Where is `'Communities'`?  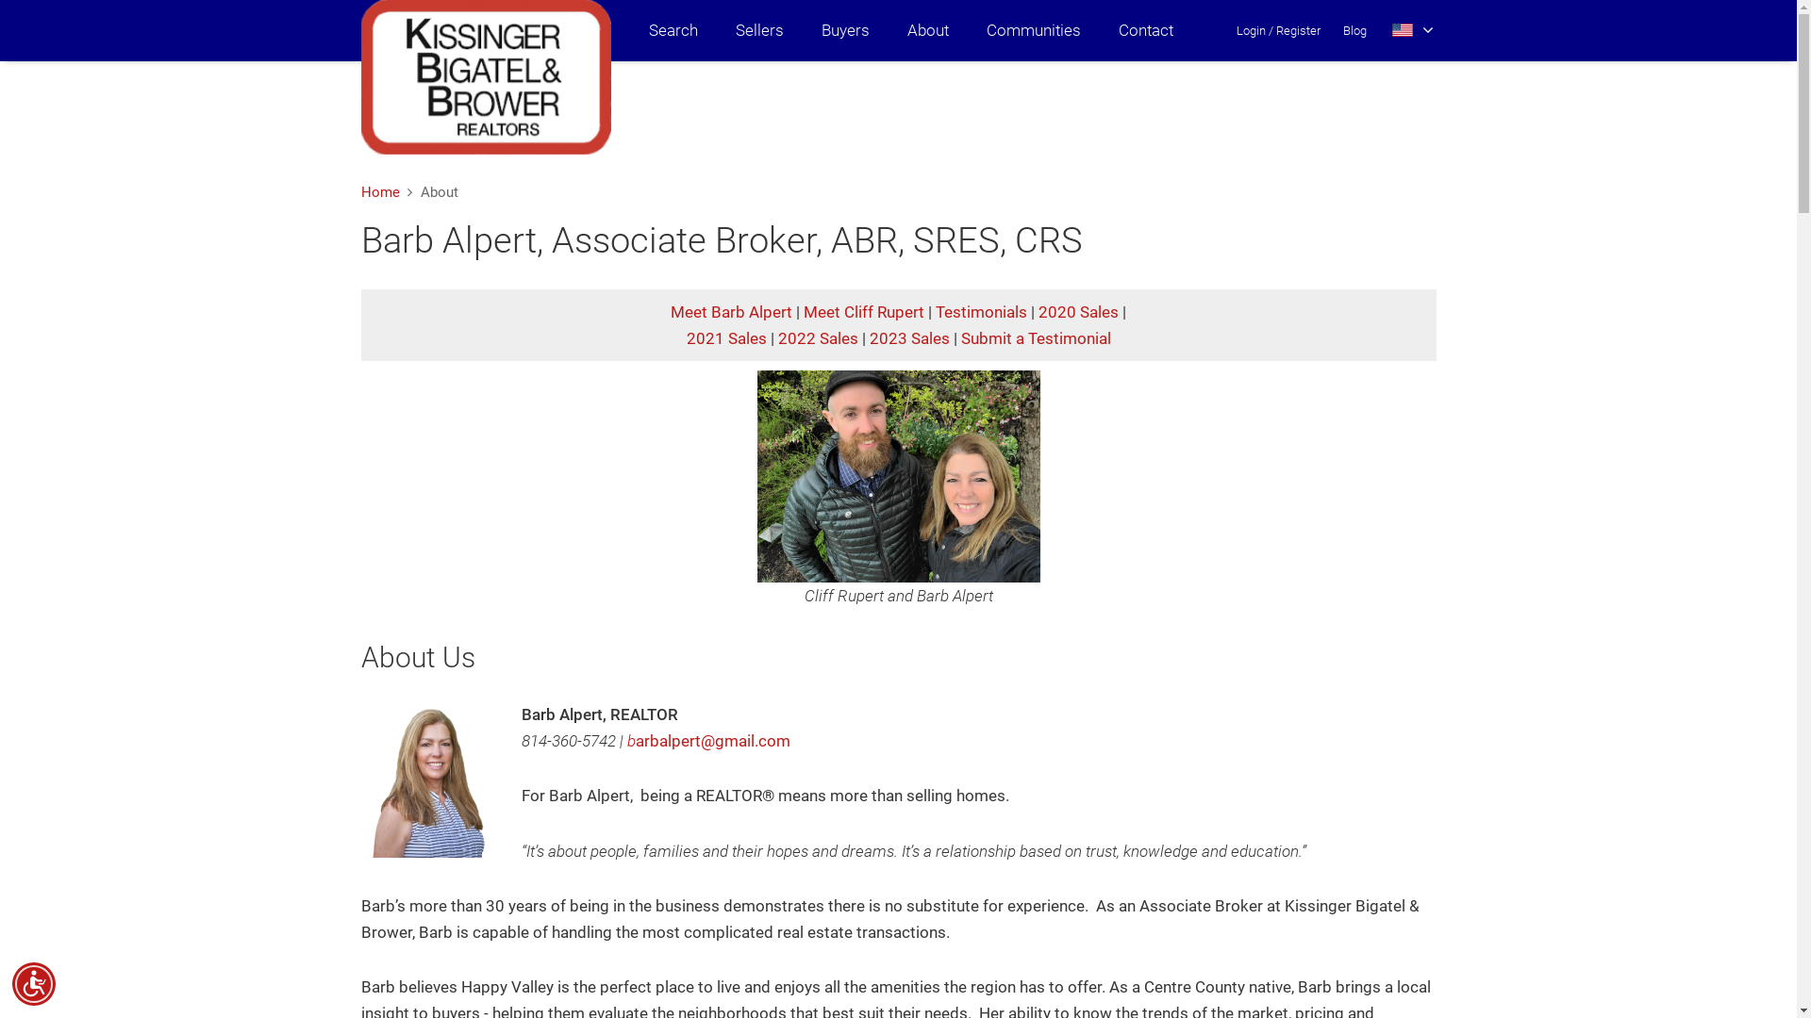 'Communities' is located at coordinates (1032, 30).